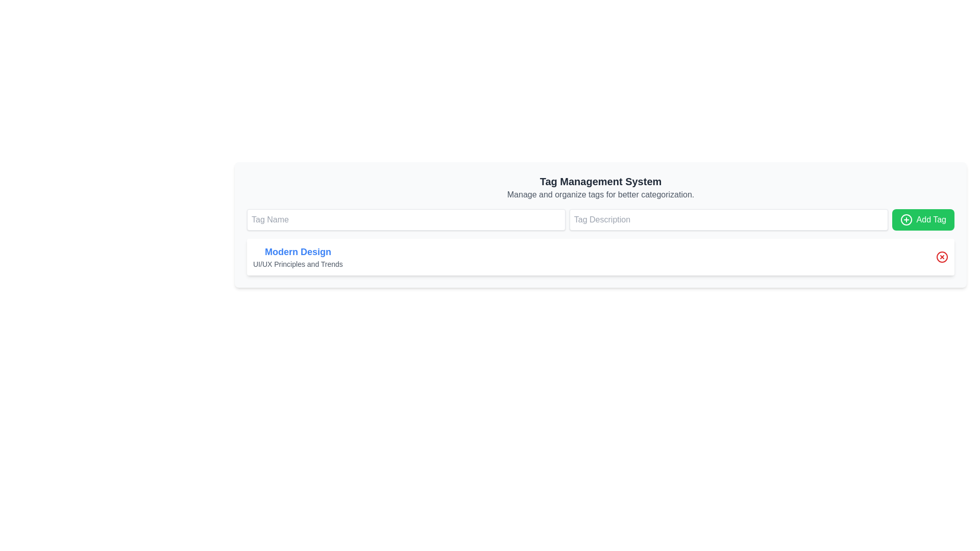 Image resolution: width=980 pixels, height=551 pixels. What do you see at coordinates (906, 219) in the screenshot?
I see `the circular green button with a white plus icon` at bounding box center [906, 219].